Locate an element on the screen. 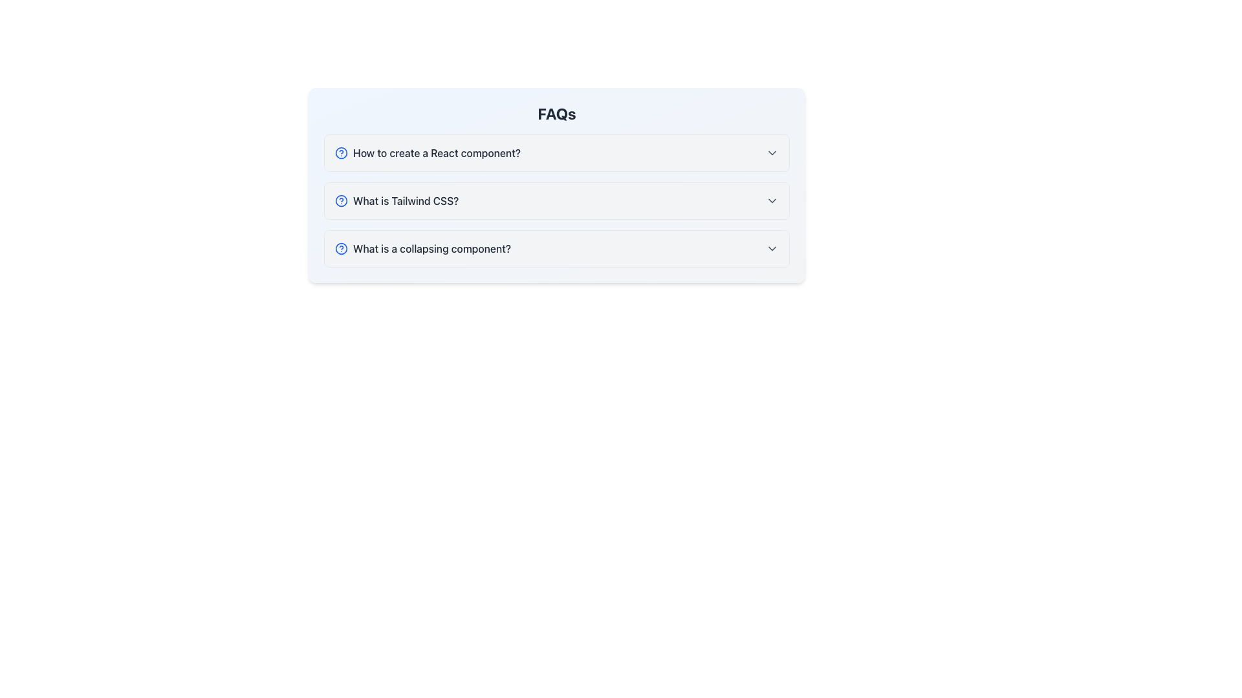 This screenshot has height=698, width=1242. the circular question mark icon with a blue outline located to the left of the text 'How to create a React component?' in the FAQ section is located at coordinates (342, 152).